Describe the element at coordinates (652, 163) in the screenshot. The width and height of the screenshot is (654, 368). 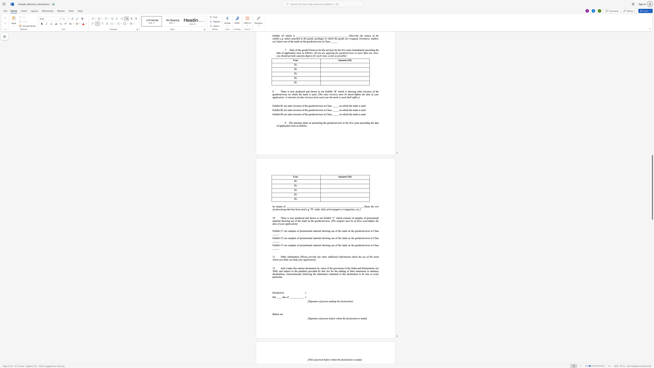
I see `the scrollbar to move the page upward` at that location.